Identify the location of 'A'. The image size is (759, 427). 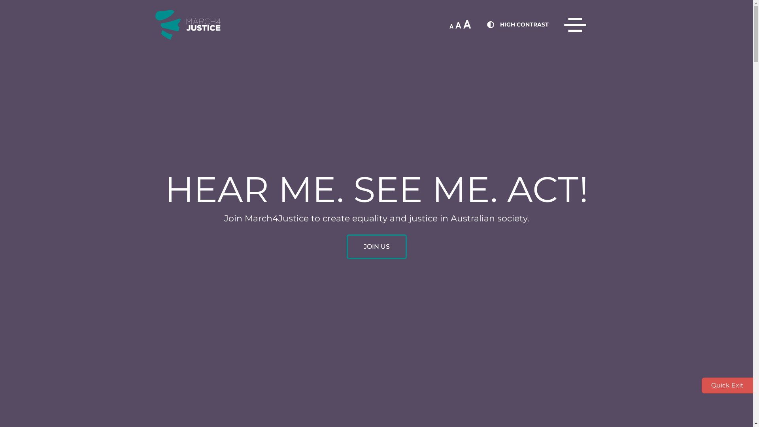
(451, 26).